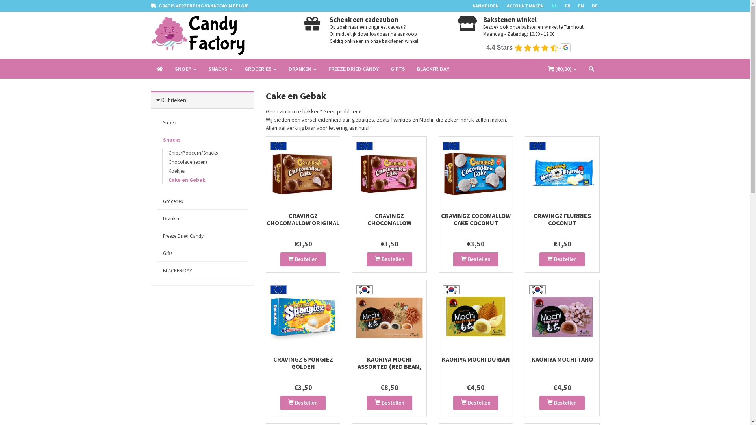  What do you see at coordinates (273, 362) in the screenshot?
I see `'CRAVINGZ SPONGIEZ GOLDEN'` at bounding box center [273, 362].